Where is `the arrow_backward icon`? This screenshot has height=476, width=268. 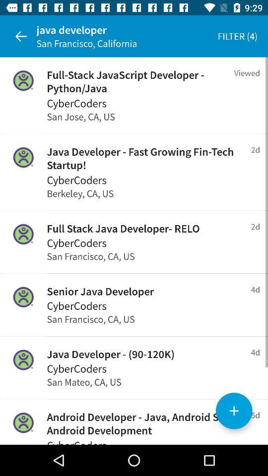
the arrow_backward icon is located at coordinates (21, 36).